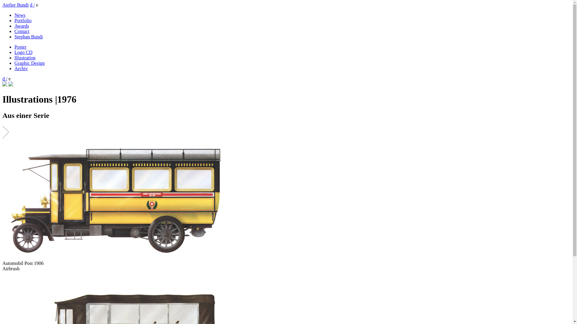  Describe the element at coordinates (21, 68) in the screenshot. I see `'Archiv'` at that location.